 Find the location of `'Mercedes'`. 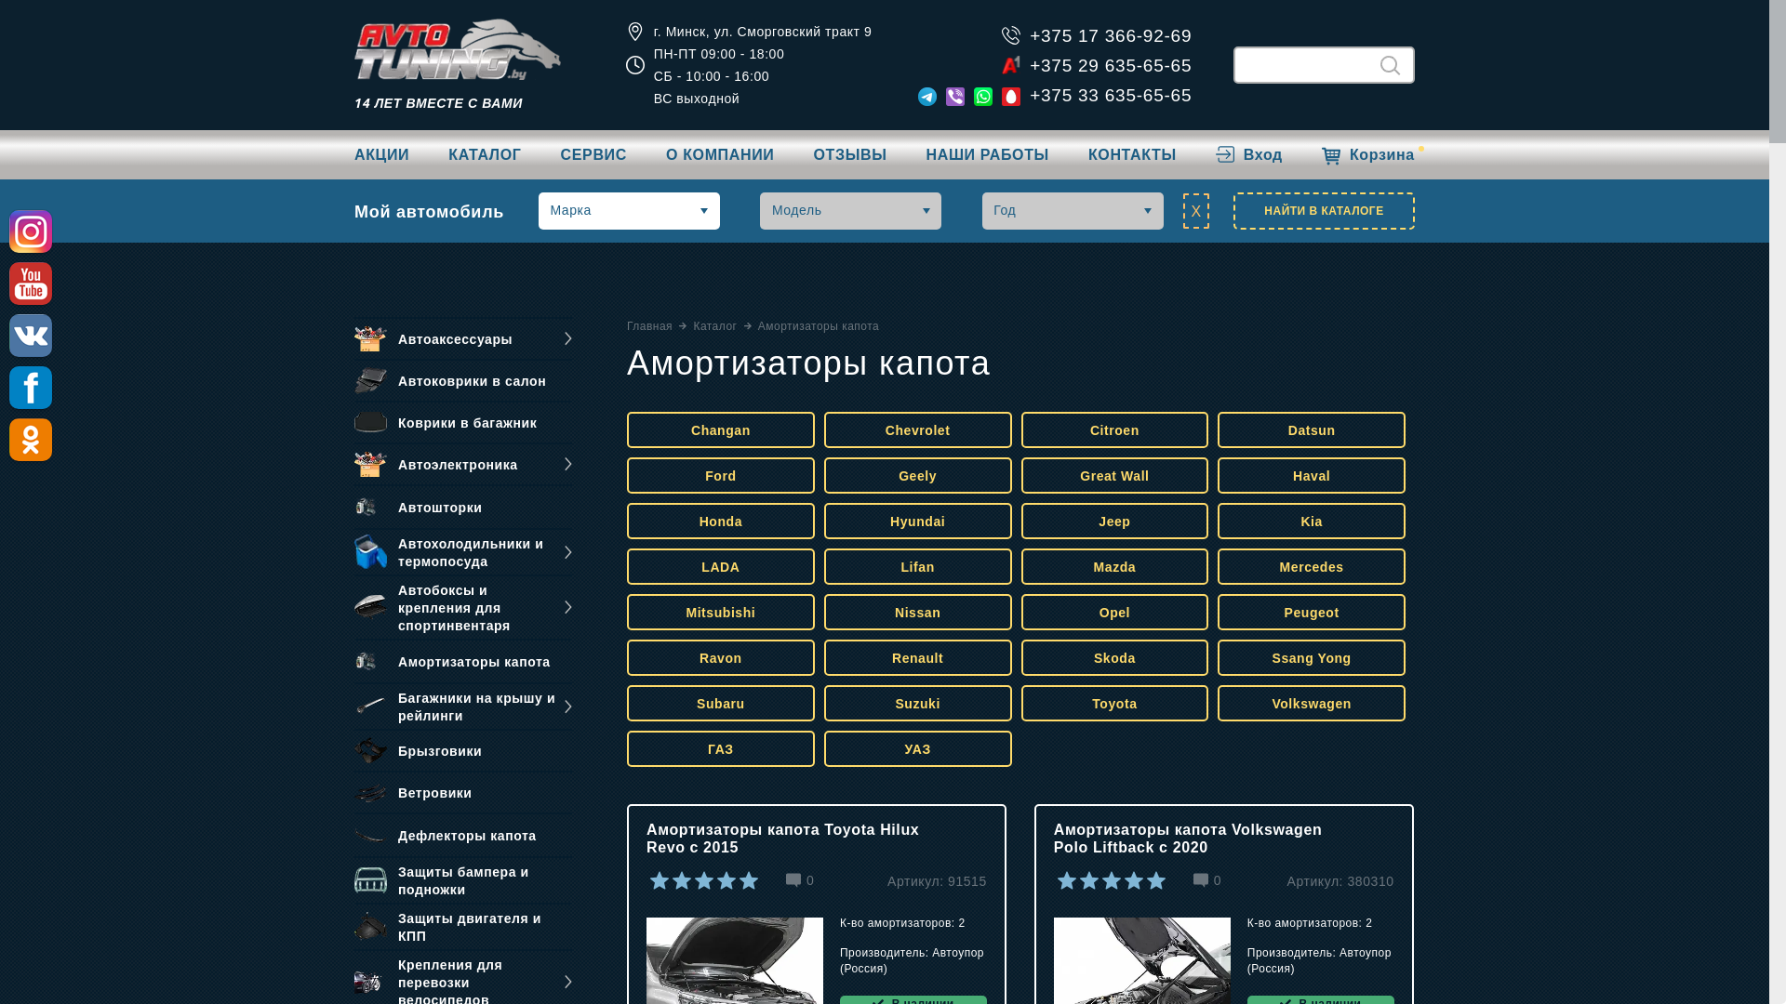

'Mercedes' is located at coordinates (1311, 565).